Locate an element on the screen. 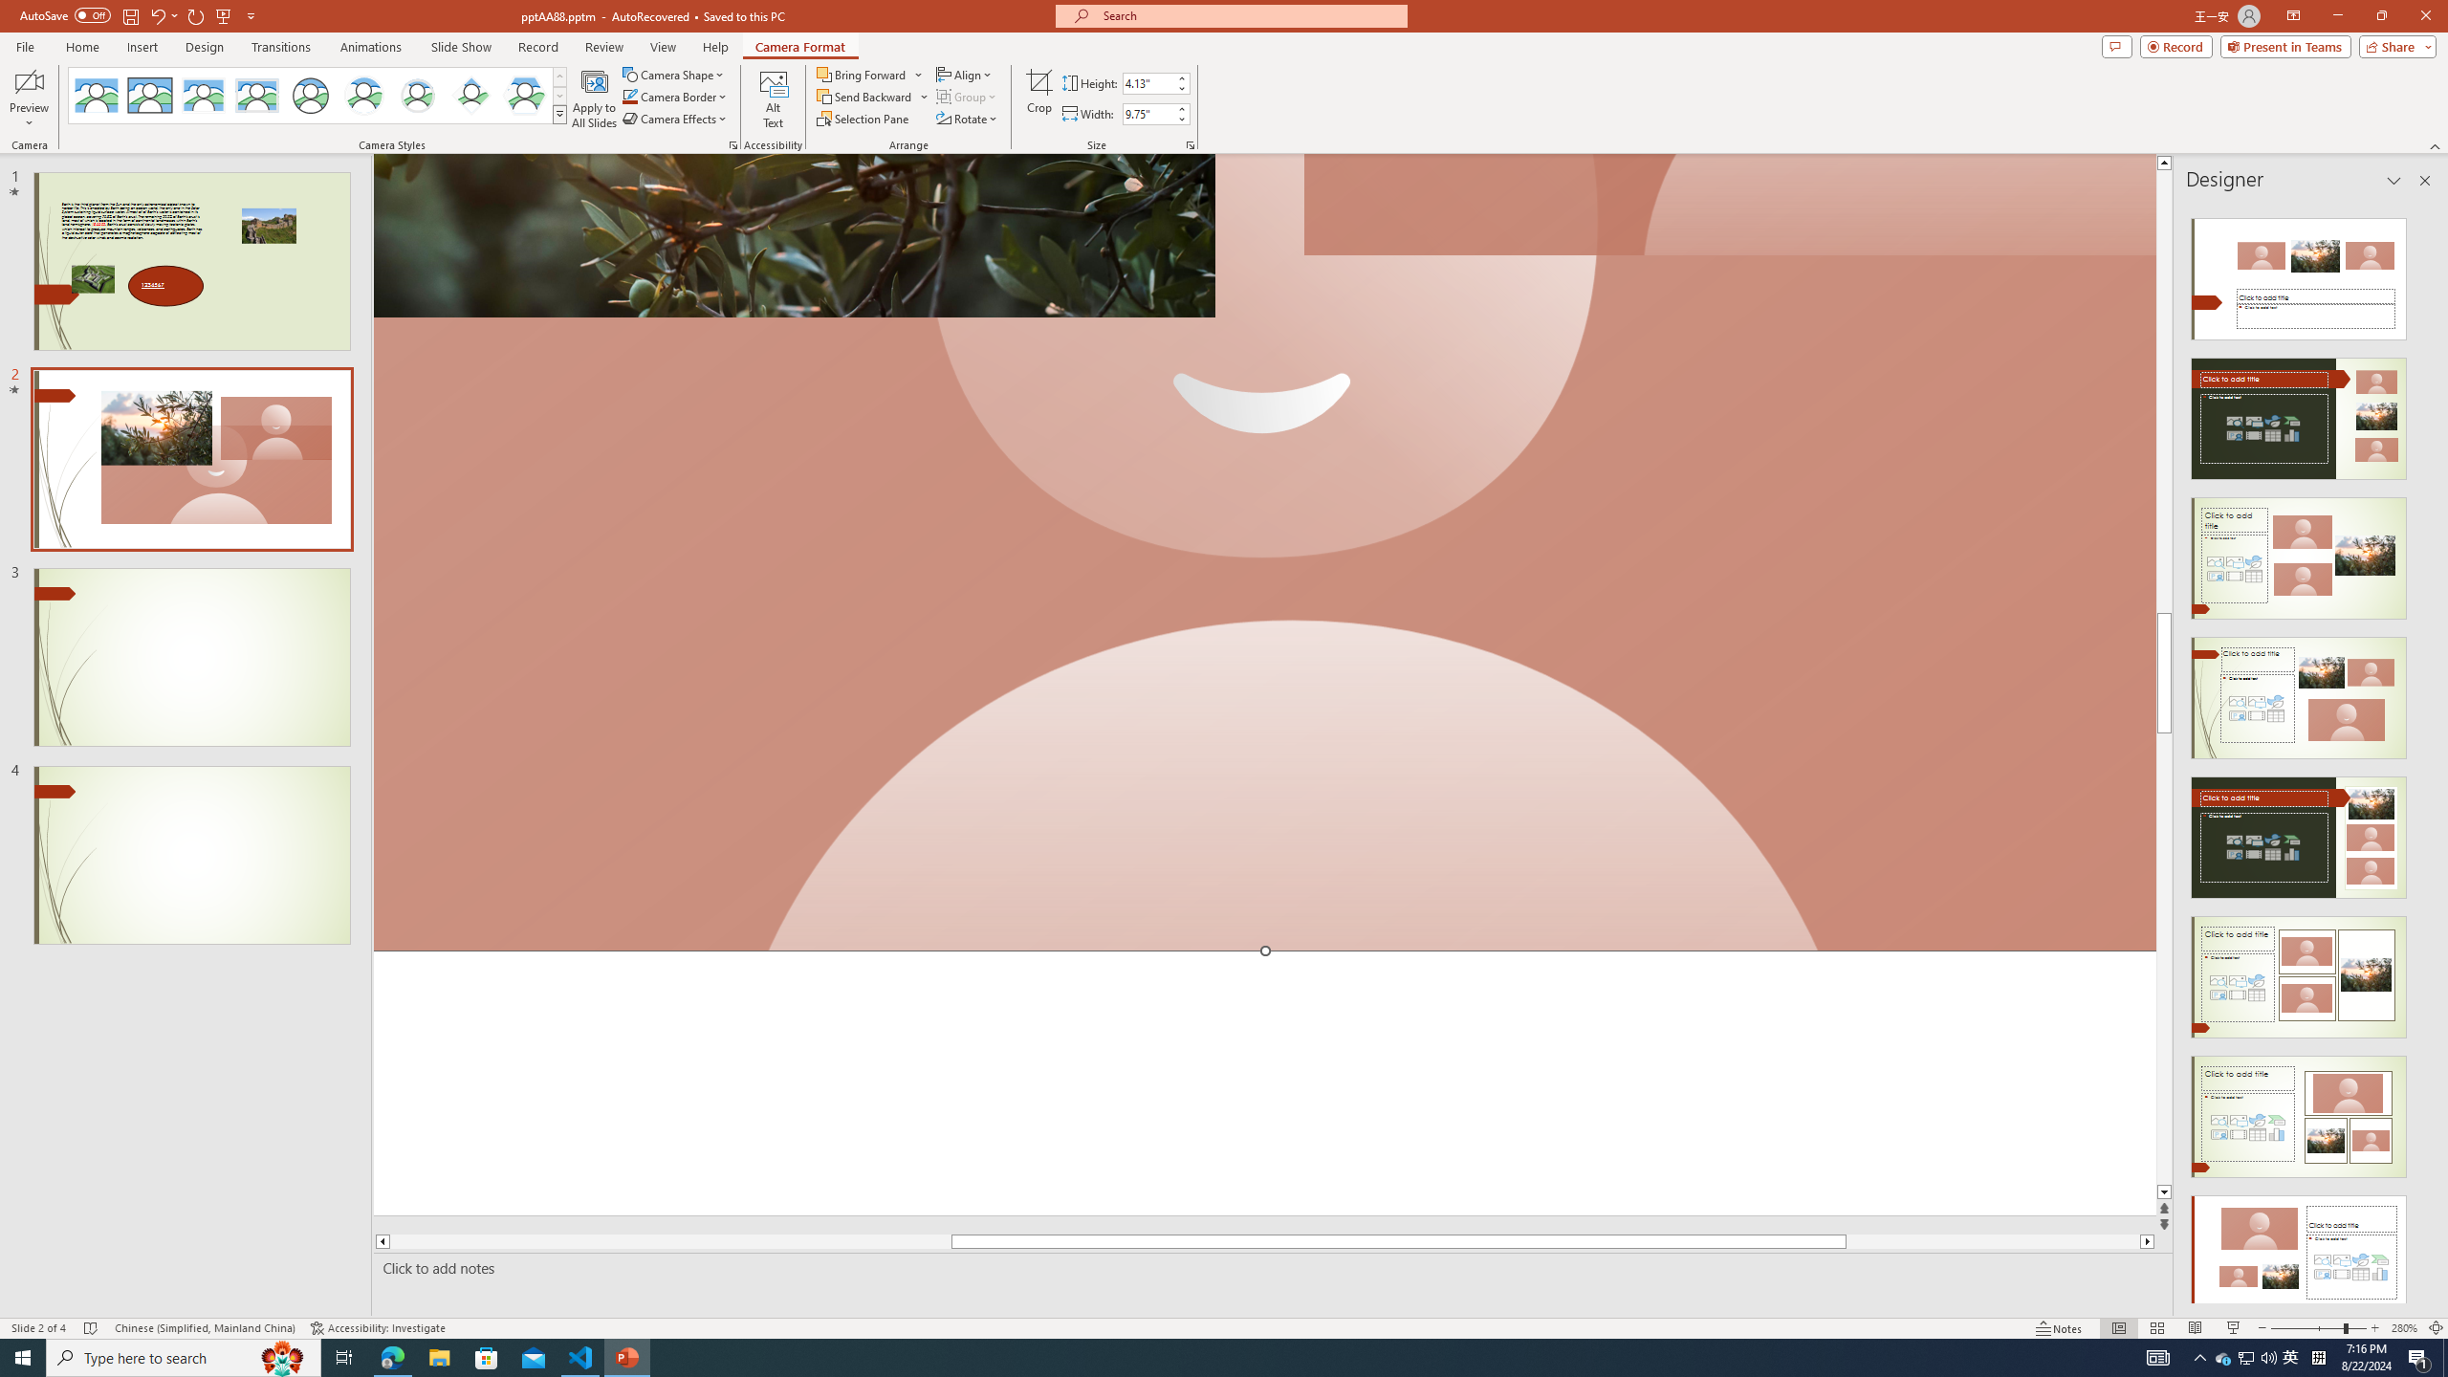 This screenshot has width=2448, height=1377. 'Apply to All Slides' is located at coordinates (594, 98).